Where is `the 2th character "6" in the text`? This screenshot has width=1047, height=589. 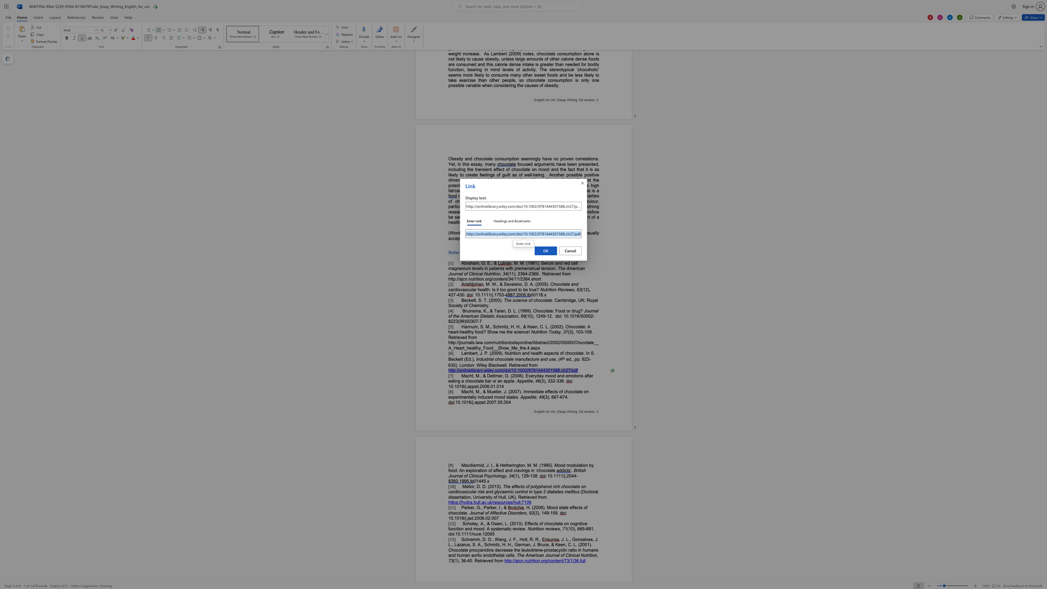 the 2th character "6" in the text is located at coordinates (483, 517).